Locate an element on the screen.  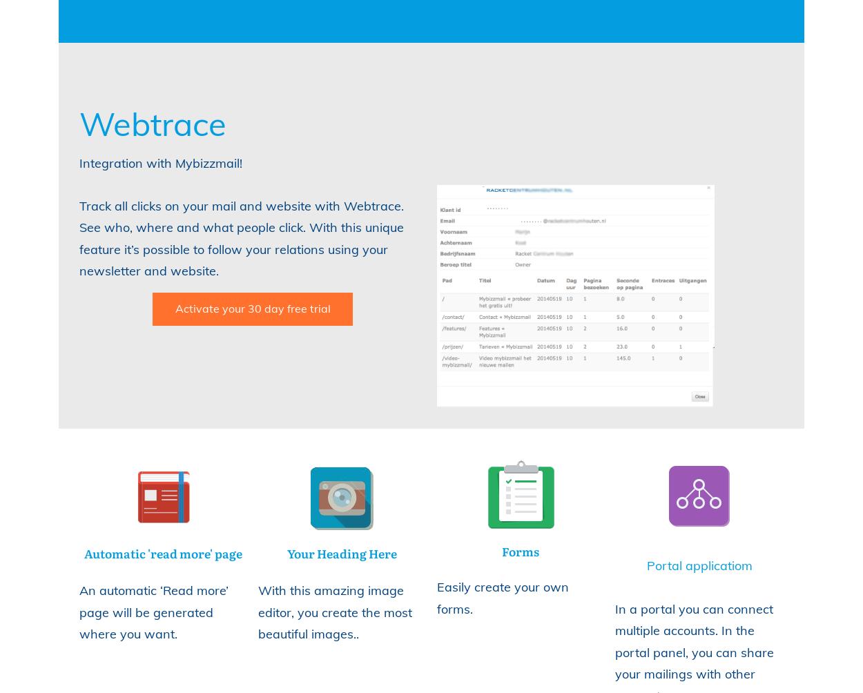
'Easily create your own forms.' is located at coordinates (501, 597).